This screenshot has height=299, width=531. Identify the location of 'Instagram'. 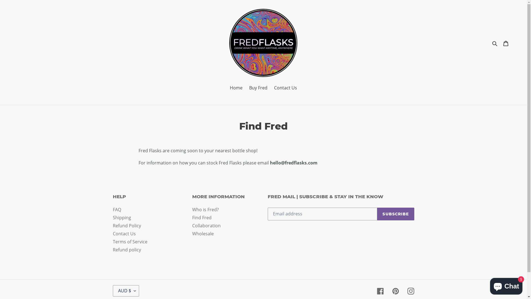
(410, 290).